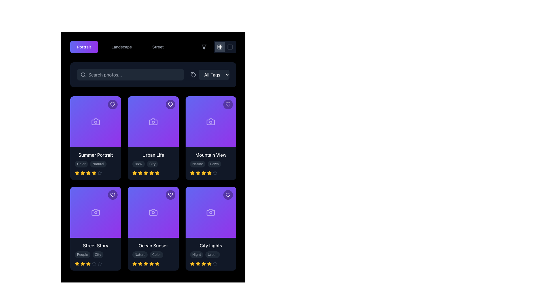 The image size is (544, 306). What do you see at coordinates (84, 46) in the screenshot?
I see `the 'Portrait' button, which is the first button in a horizontal group of three buttons, styled with a gradient background and white text, located at the top-left section of the interface` at bounding box center [84, 46].